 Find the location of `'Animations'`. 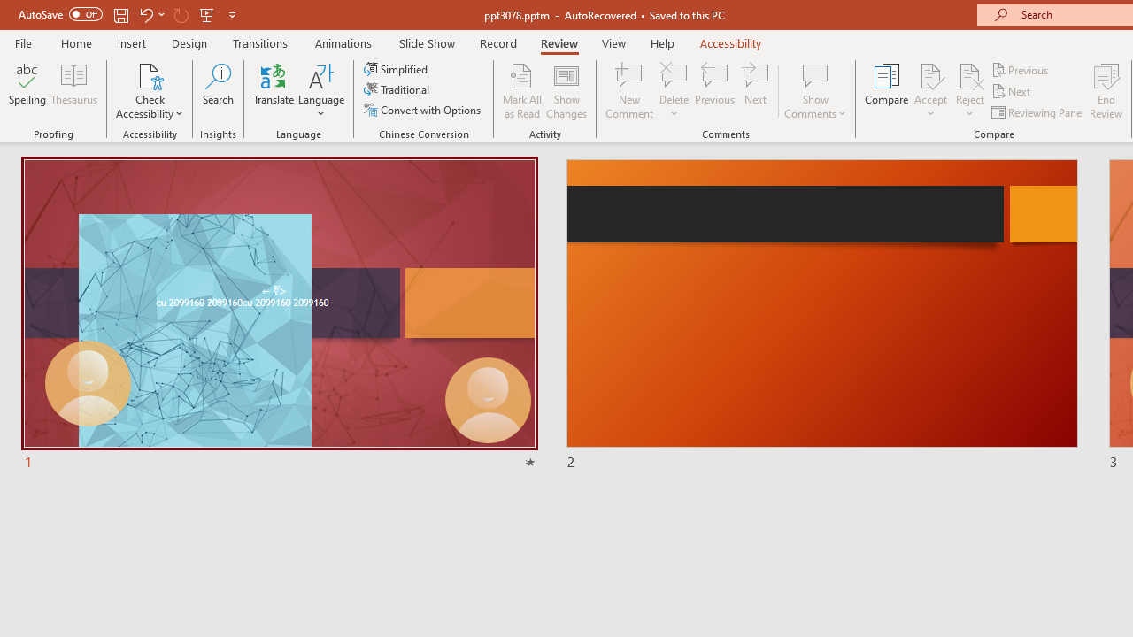

'Animations' is located at coordinates (343, 42).